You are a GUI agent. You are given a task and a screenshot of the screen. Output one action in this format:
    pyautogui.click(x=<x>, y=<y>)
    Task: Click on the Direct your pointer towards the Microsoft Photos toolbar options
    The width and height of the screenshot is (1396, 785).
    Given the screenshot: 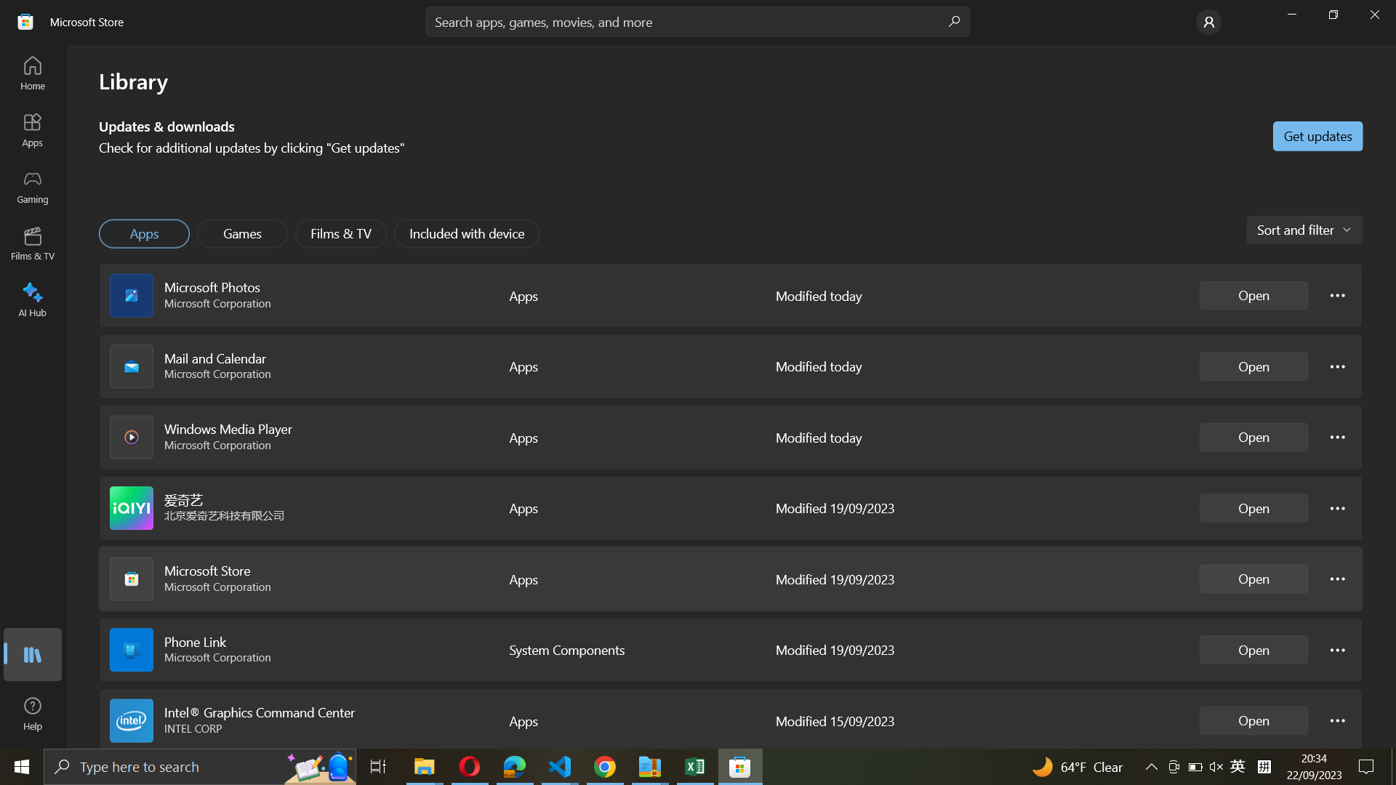 What is the action you would take?
    pyautogui.click(x=2566546, y=319495)
    